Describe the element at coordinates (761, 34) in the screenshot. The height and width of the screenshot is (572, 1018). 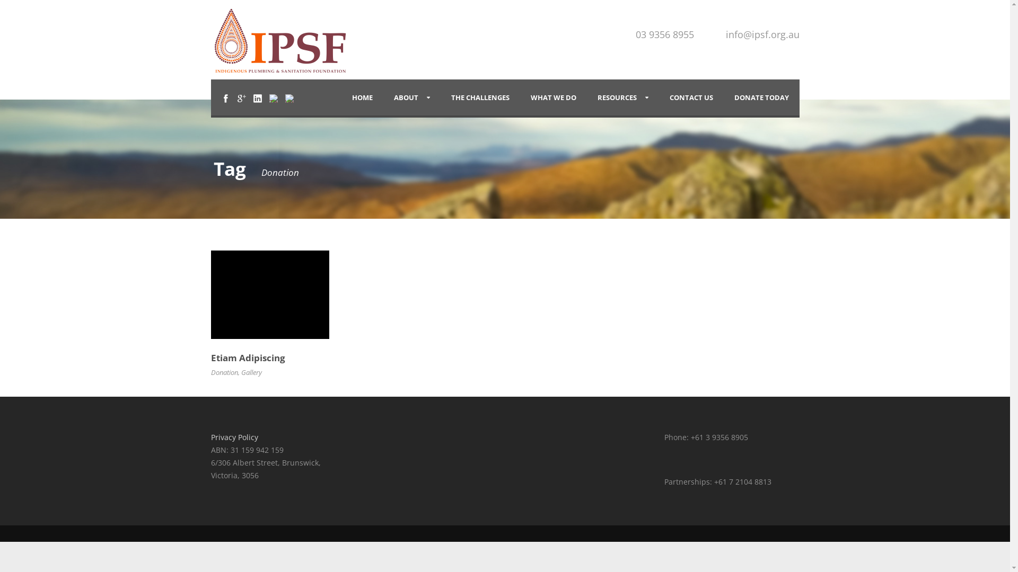
I see `'info@ipsf.org.au'` at that location.